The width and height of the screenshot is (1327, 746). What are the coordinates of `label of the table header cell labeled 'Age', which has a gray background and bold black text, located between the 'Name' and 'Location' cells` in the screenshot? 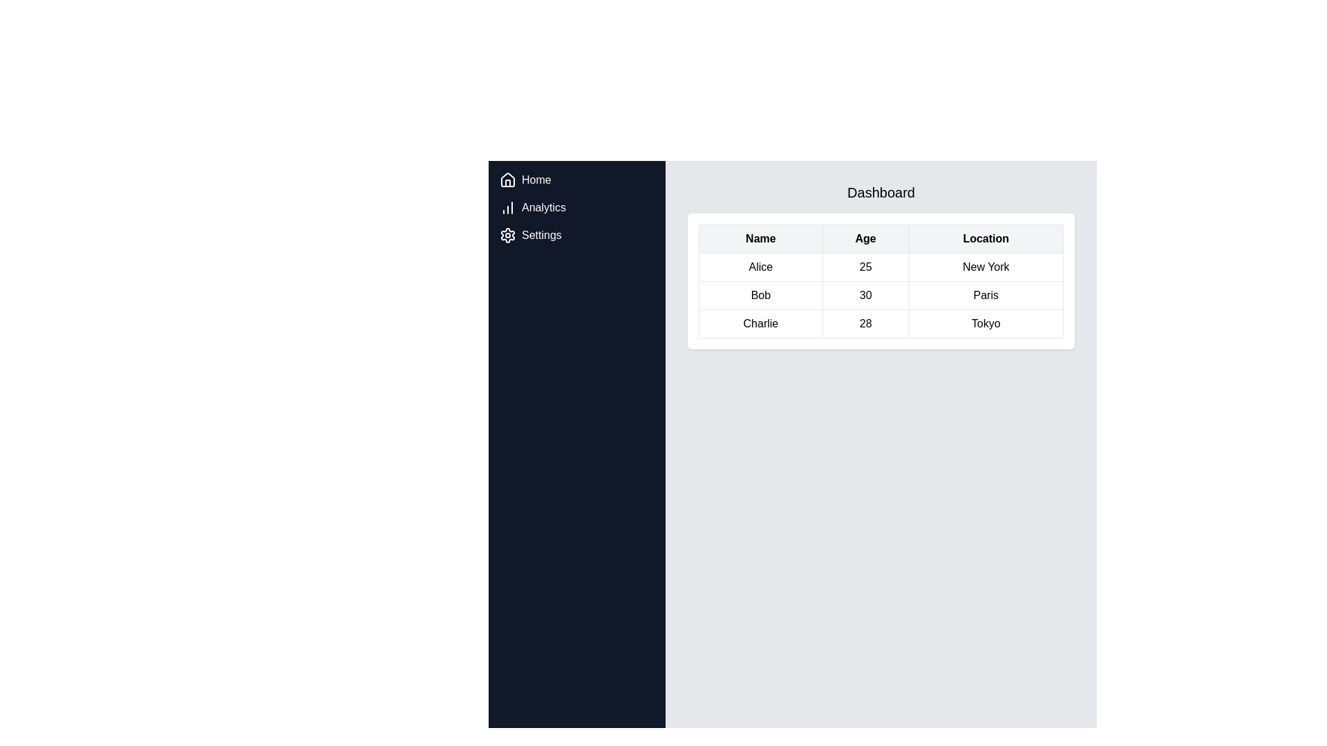 It's located at (865, 238).